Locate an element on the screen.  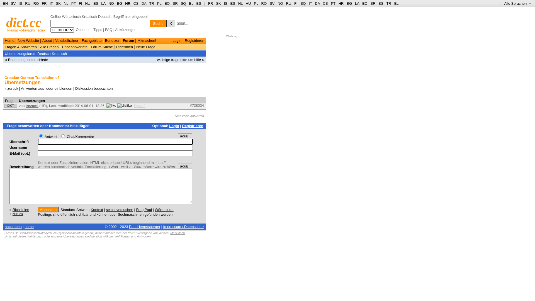
'#738034' is located at coordinates (197, 105).